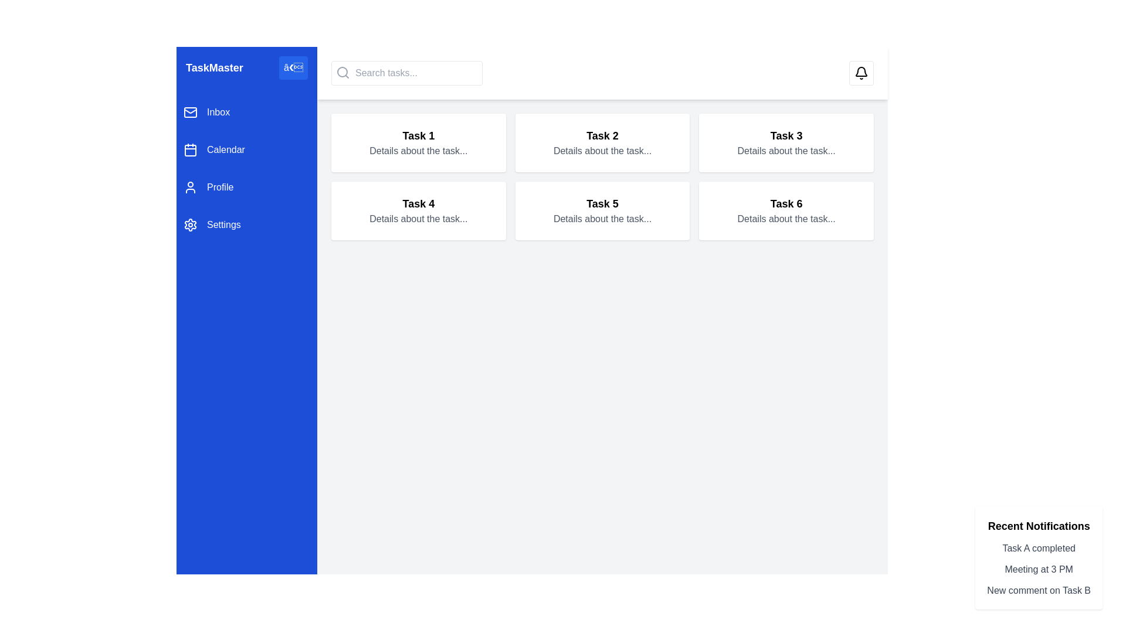 The height and width of the screenshot is (633, 1126). Describe the element at coordinates (602, 142) in the screenshot. I see `the second card in the grid layout that has a white background, rounded corners, and contains the title 'Task 2'` at that location.